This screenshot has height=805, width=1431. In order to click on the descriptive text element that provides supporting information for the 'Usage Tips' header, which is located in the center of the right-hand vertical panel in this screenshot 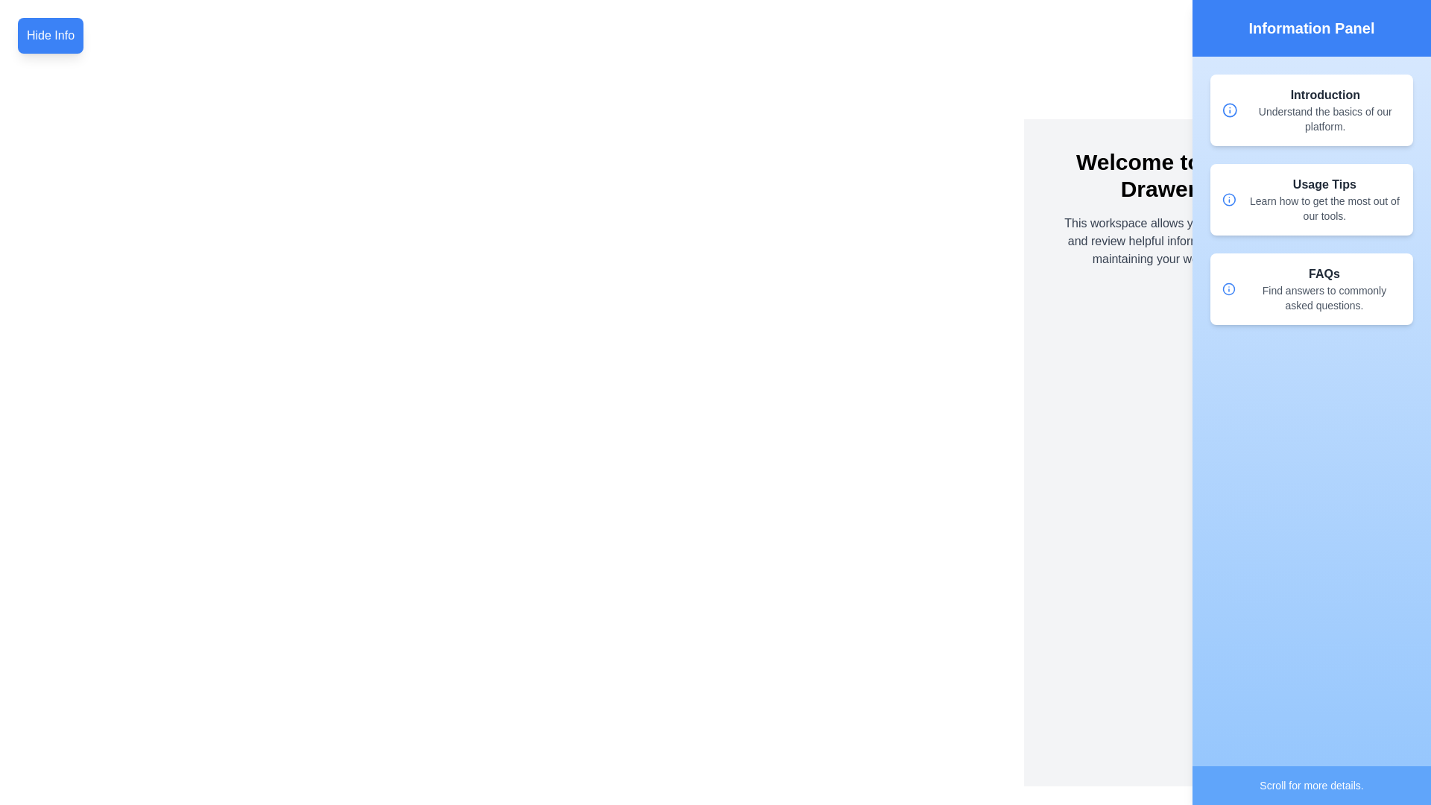, I will do `click(1324, 209)`.